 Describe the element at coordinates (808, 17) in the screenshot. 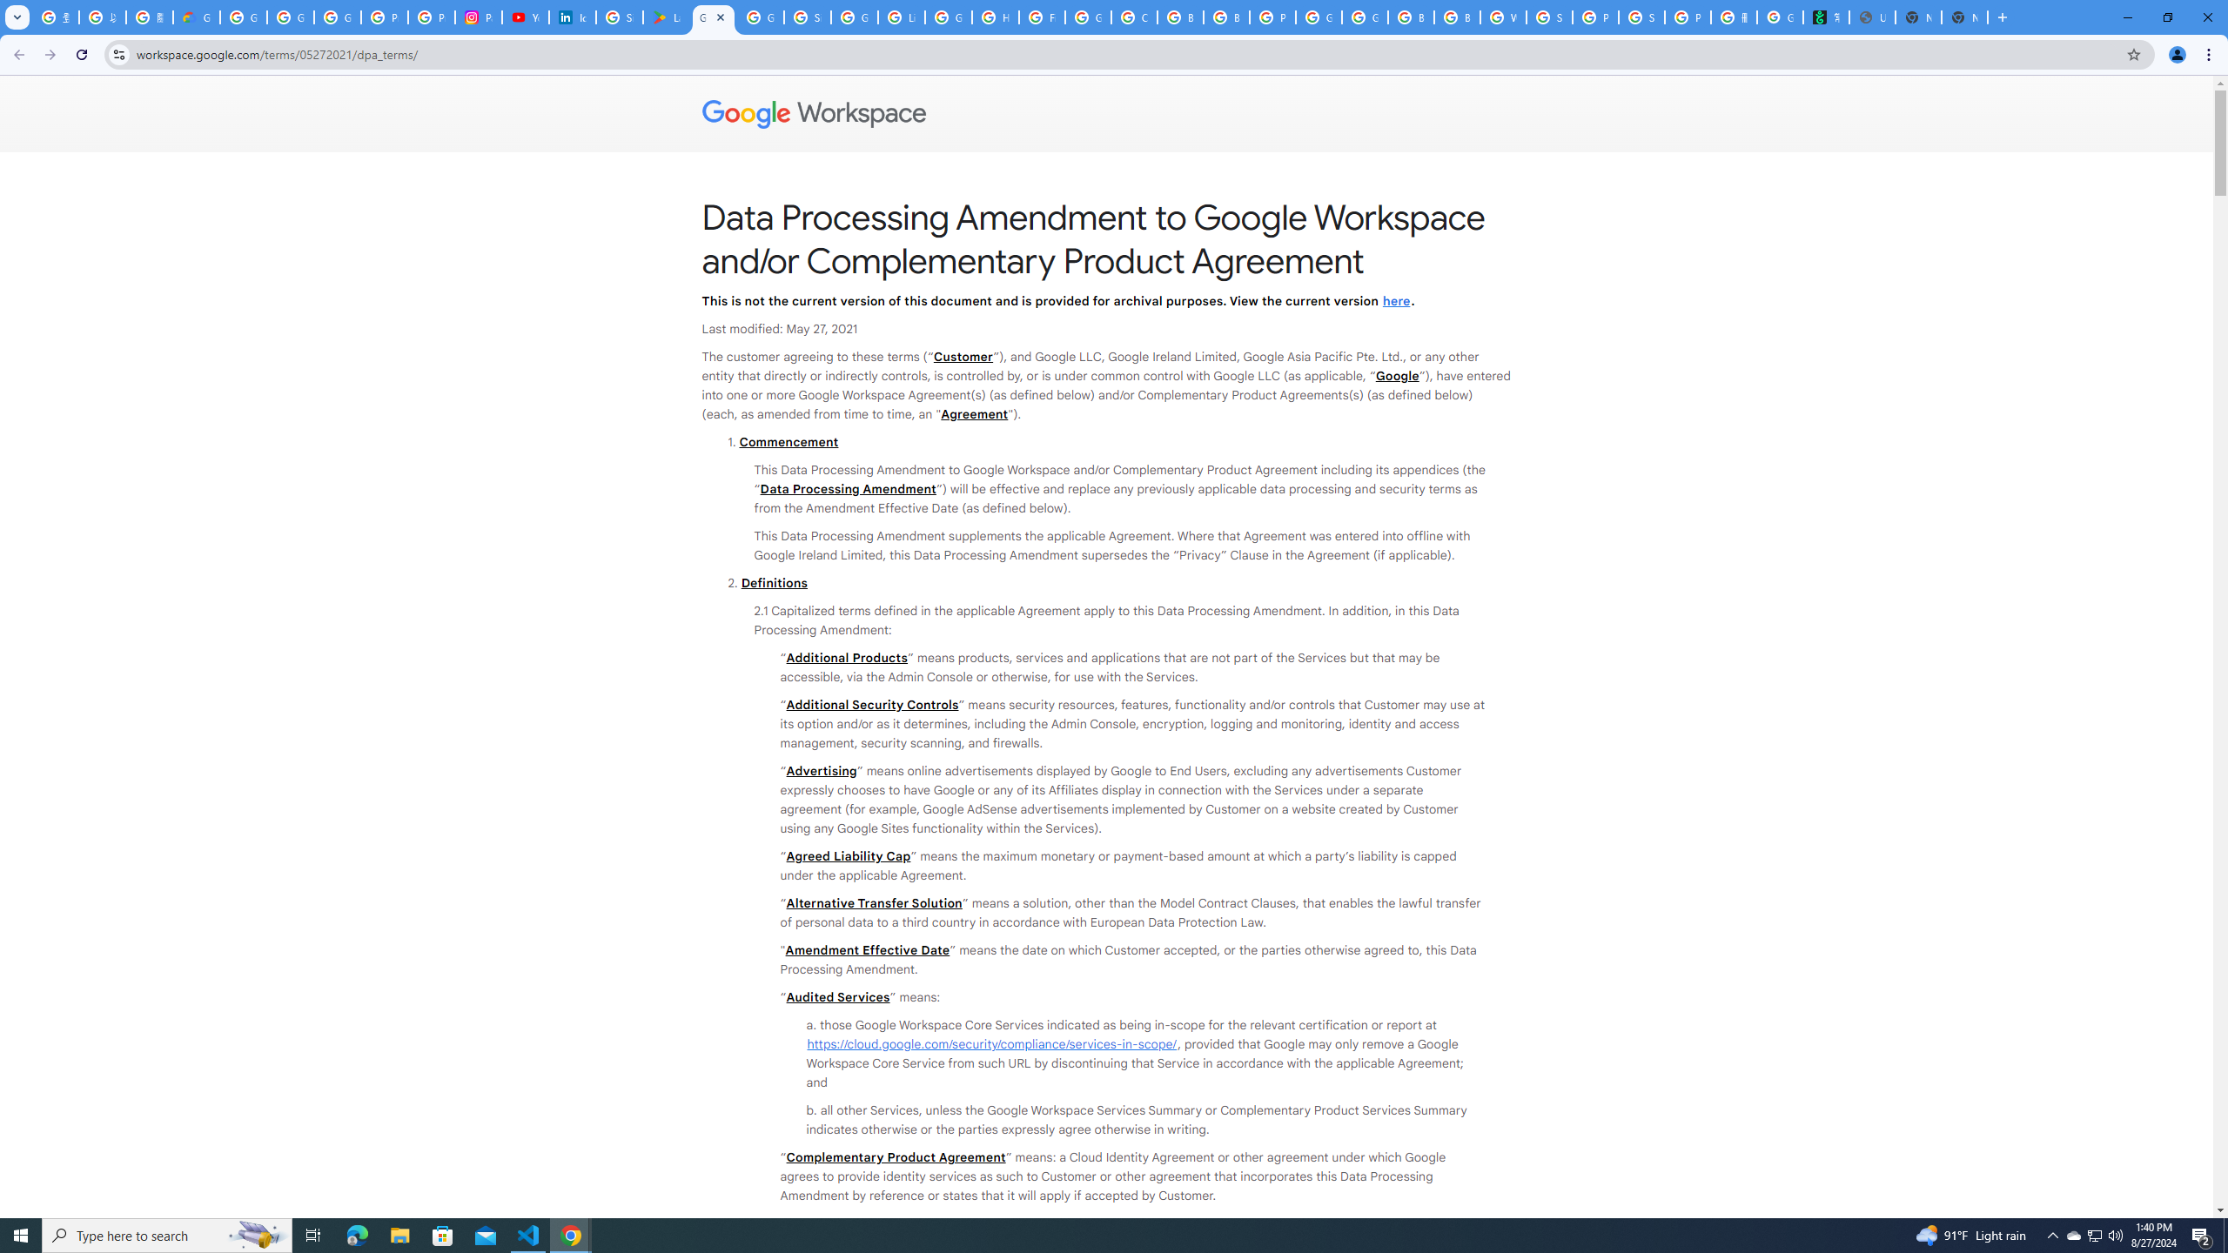

I see `'Sign in - Google Accounts'` at that location.